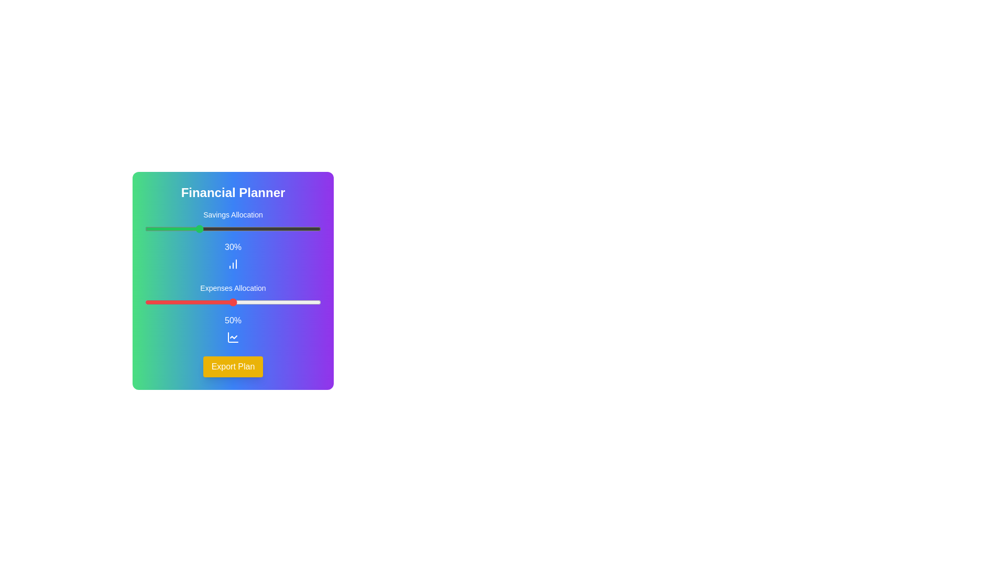 This screenshot has height=566, width=1006. I want to click on the expenses allocation slider, so click(206, 302).